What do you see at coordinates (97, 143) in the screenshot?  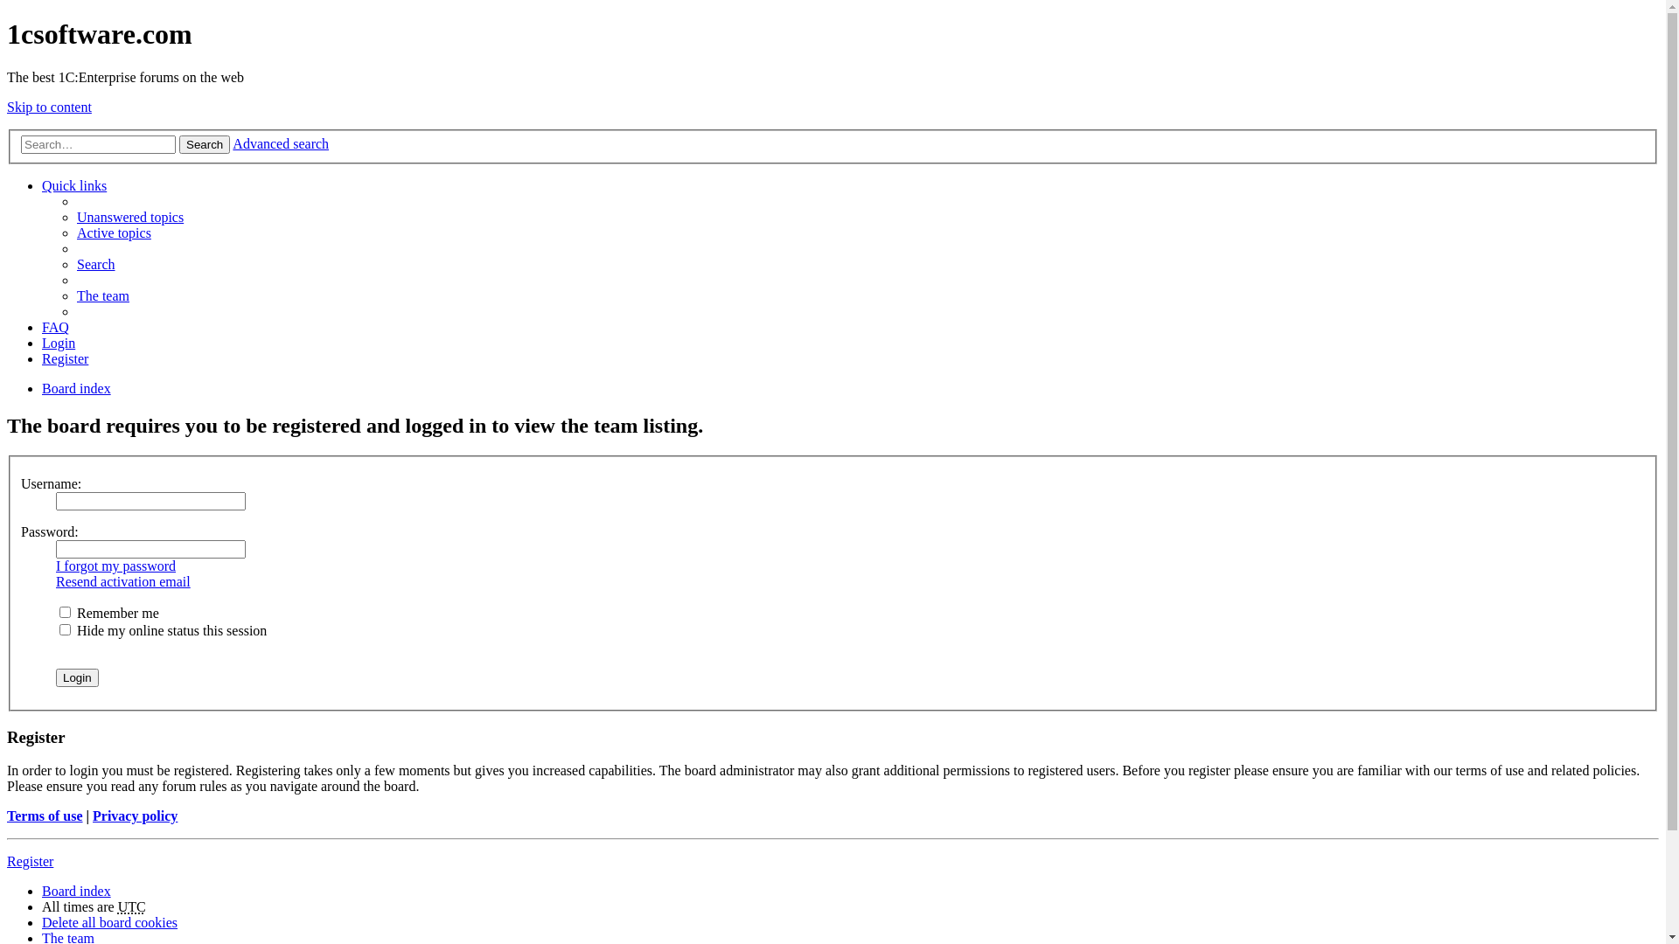 I see `'Search for keywords'` at bounding box center [97, 143].